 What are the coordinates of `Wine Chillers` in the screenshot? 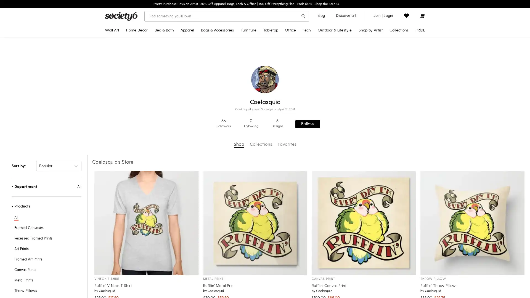 It's located at (281, 106).